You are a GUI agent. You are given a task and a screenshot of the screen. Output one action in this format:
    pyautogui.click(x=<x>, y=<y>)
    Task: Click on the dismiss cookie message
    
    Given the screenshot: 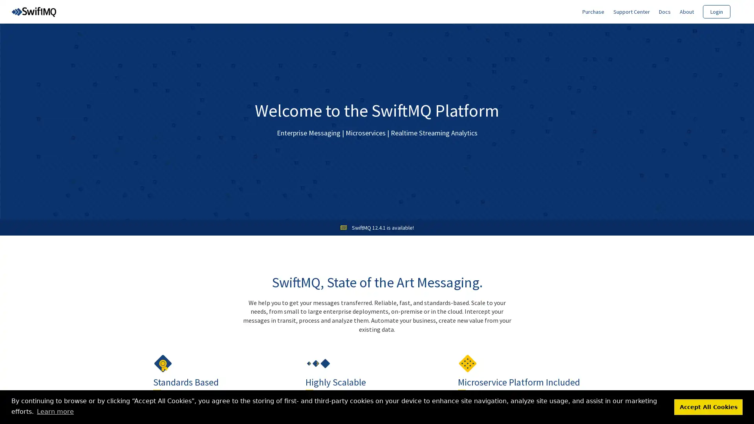 What is the action you would take?
    pyautogui.click(x=708, y=406)
    